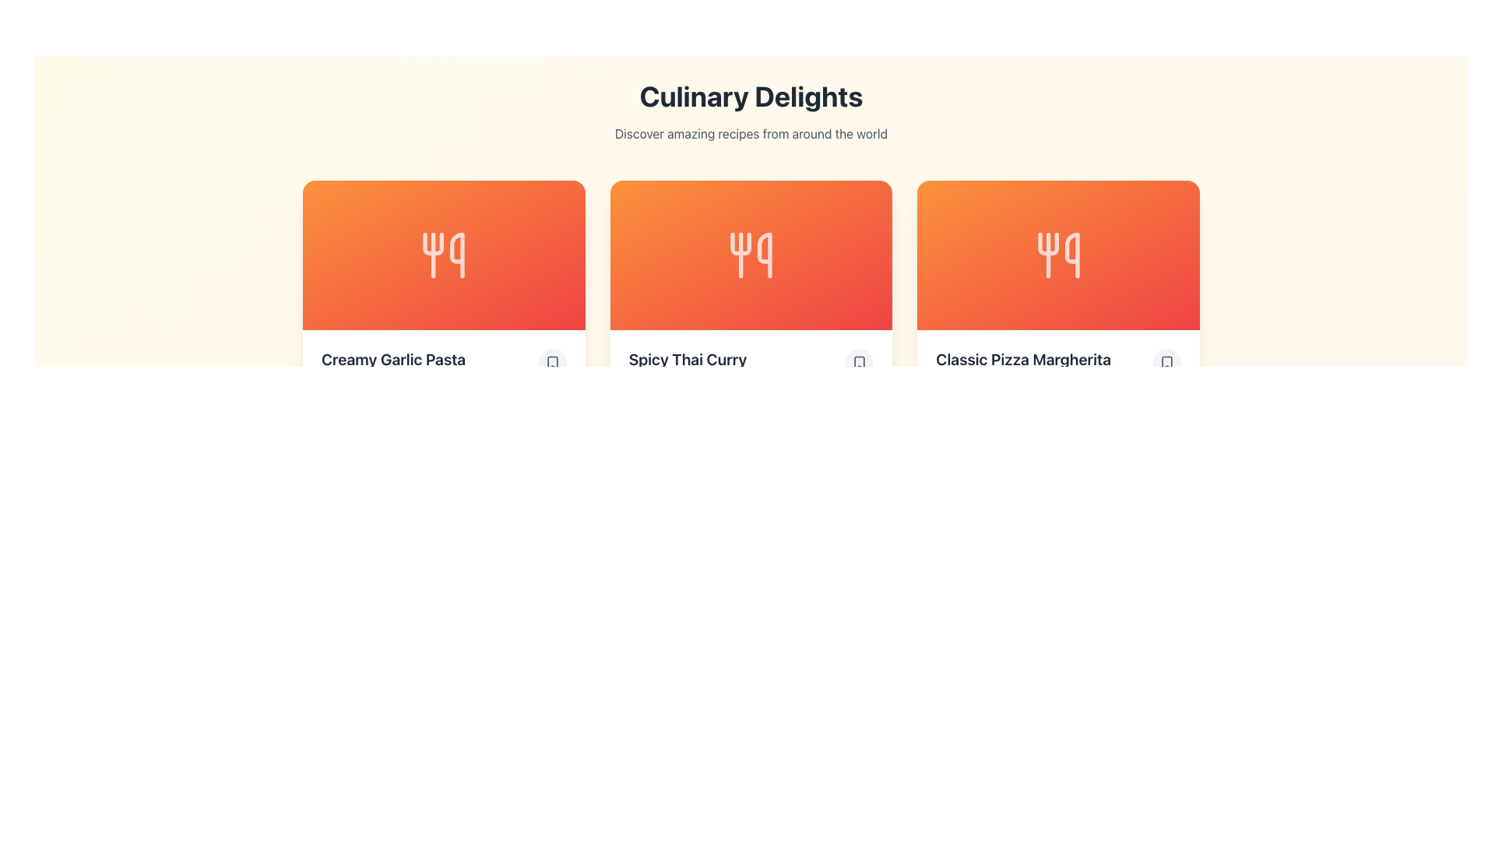 This screenshot has height=841, width=1495. What do you see at coordinates (751, 111) in the screenshot?
I see `the header element titled 'Culinary Delights' which includes the subtitle 'Discover amazing recipes from around the world'` at bounding box center [751, 111].